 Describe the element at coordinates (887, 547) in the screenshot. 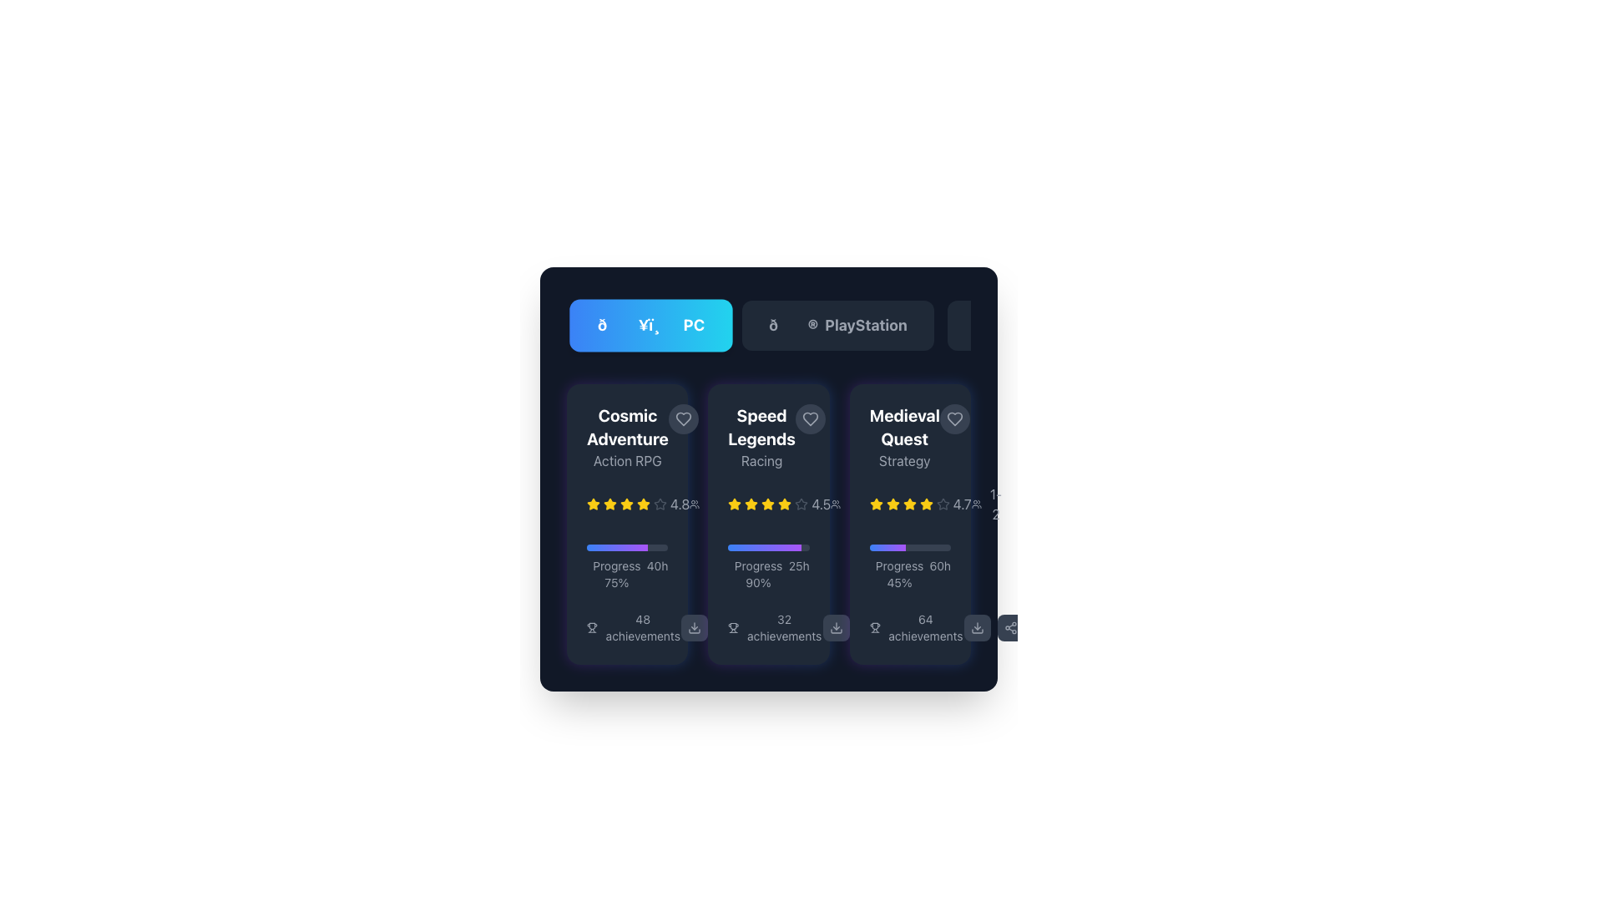

I see `the progress bar segment indicating 45% completion for the game 'Medieval Quest', which is located within the third game card` at that location.